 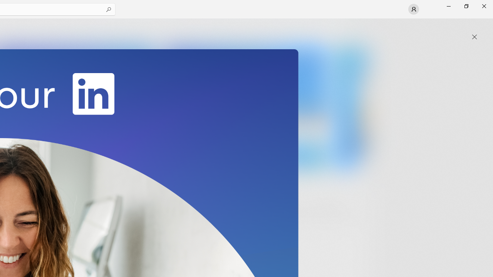 I want to click on 'close popup window', so click(x=474, y=37).